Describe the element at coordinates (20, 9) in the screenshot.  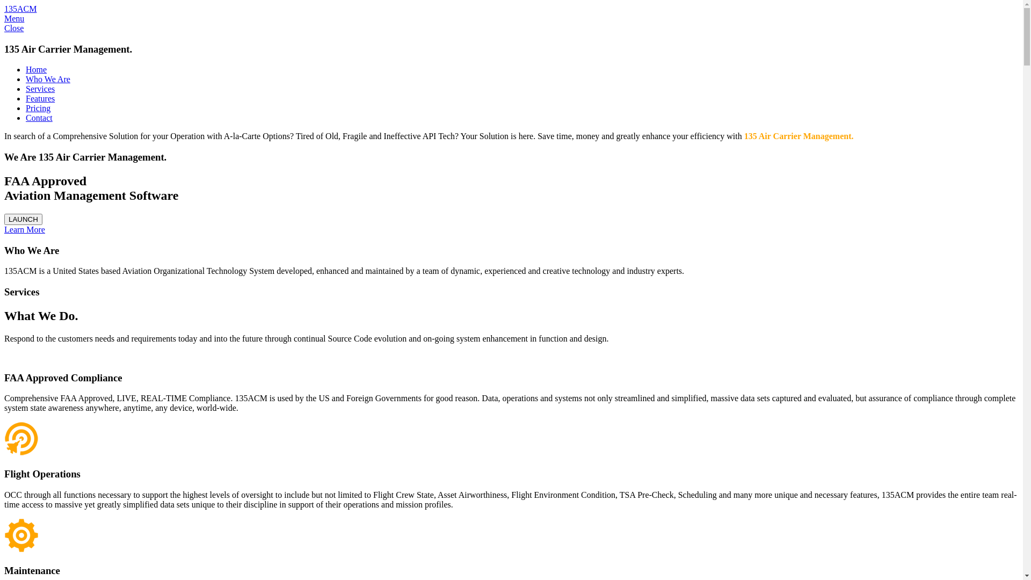
I see `'135ACM'` at that location.